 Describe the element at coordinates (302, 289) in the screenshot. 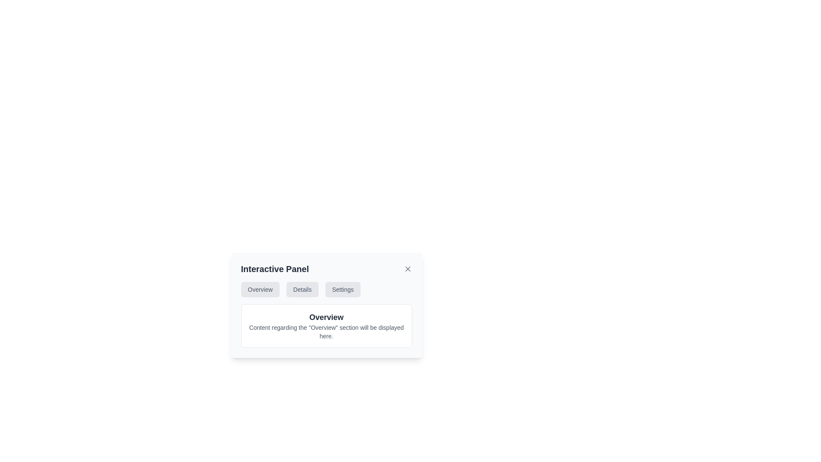

I see `the 'Details' button, which is a medium-sized rectangular button with a light gray background and bold black text, positioned between the 'Overview' and 'Settings' buttons in the horizontal menu` at that location.